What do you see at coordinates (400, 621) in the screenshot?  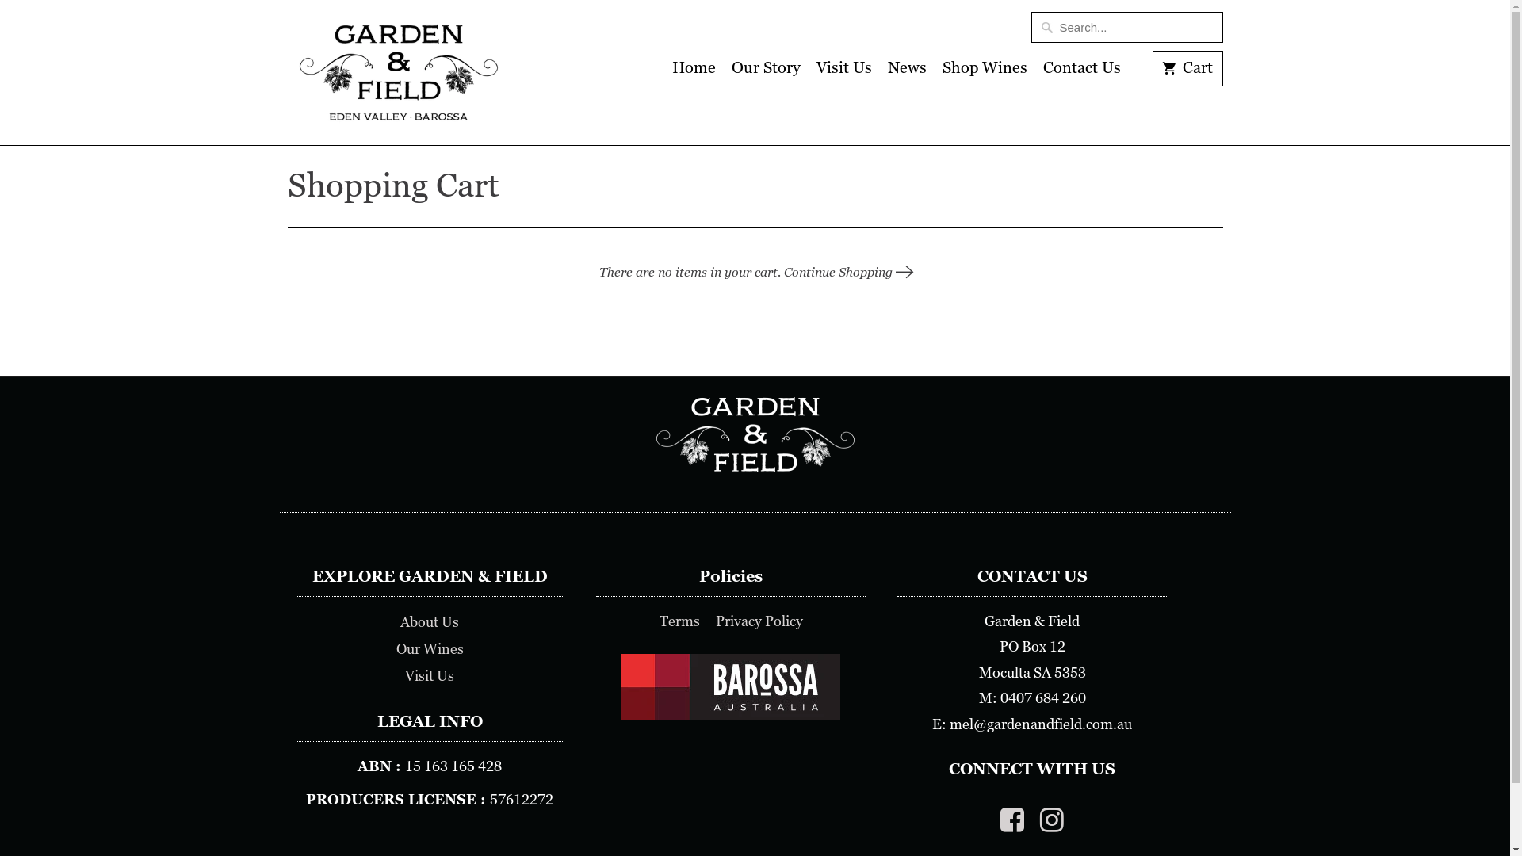 I see `'About Us'` at bounding box center [400, 621].